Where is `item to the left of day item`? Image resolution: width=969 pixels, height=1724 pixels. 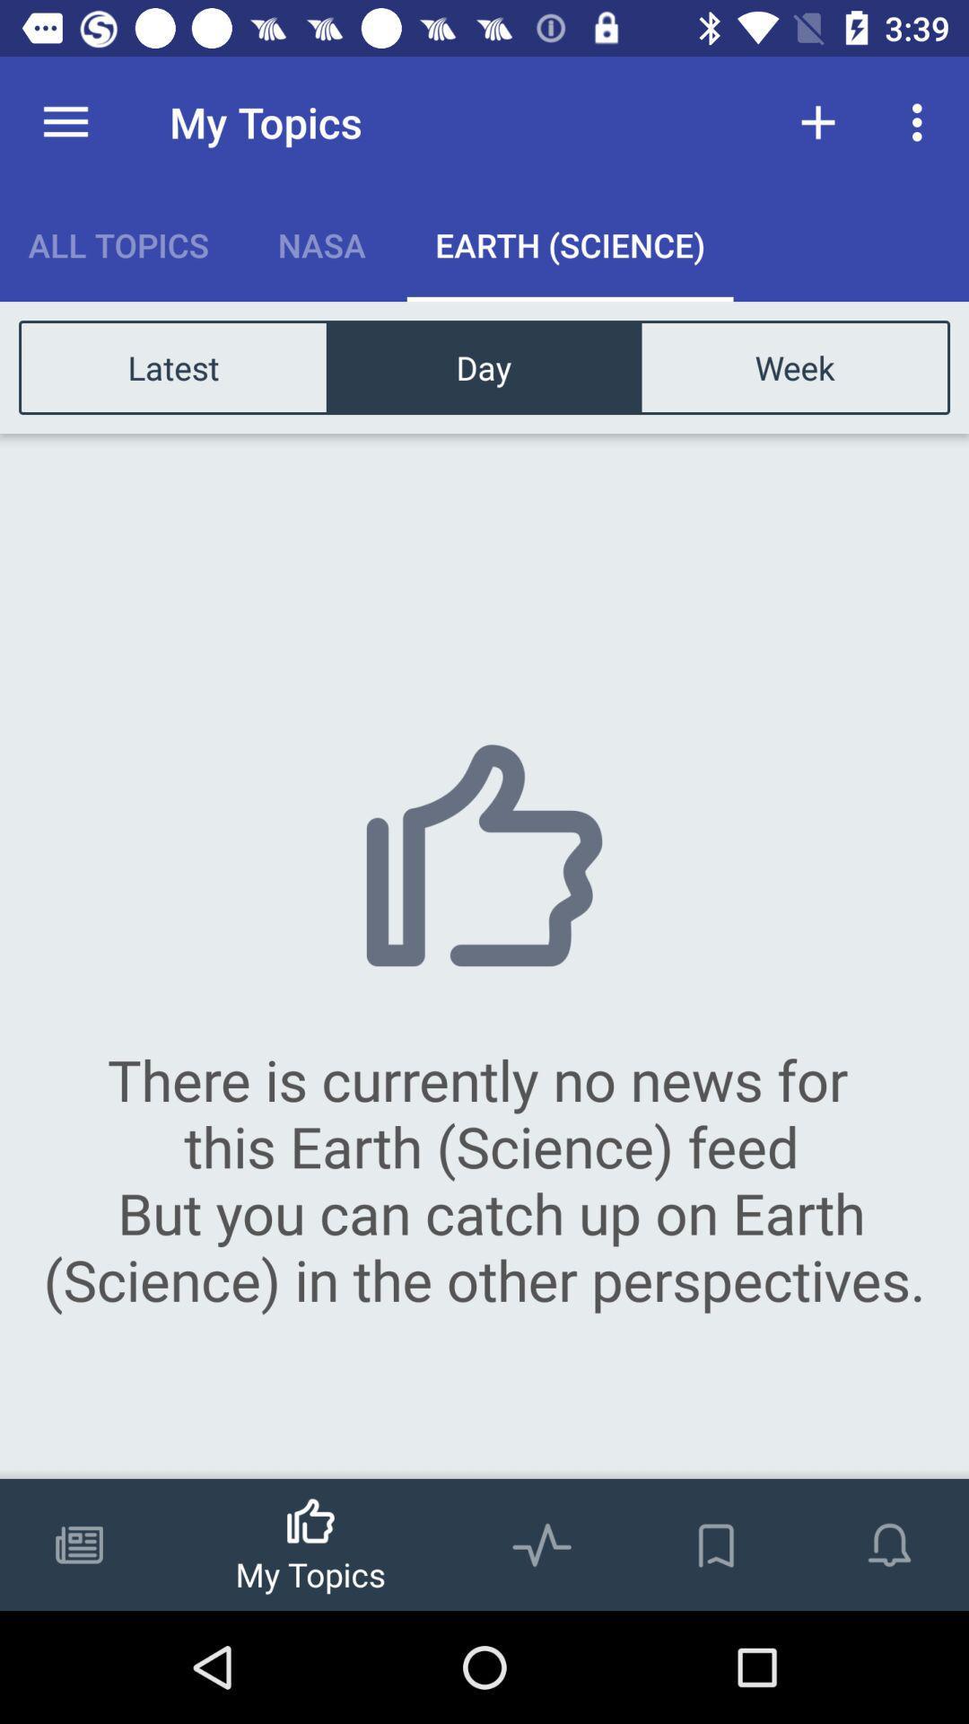
item to the left of day item is located at coordinates (173, 366).